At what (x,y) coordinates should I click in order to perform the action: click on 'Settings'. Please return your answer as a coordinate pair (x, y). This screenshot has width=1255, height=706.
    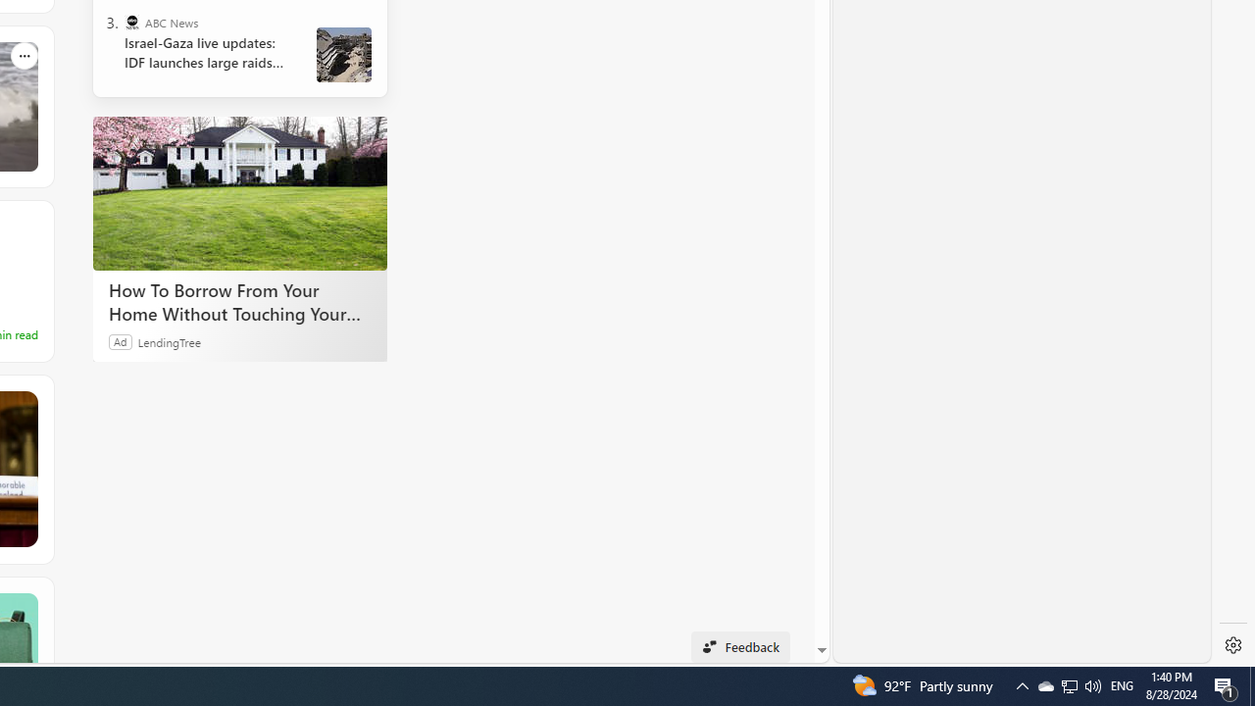
    Looking at the image, I should click on (1232, 645).